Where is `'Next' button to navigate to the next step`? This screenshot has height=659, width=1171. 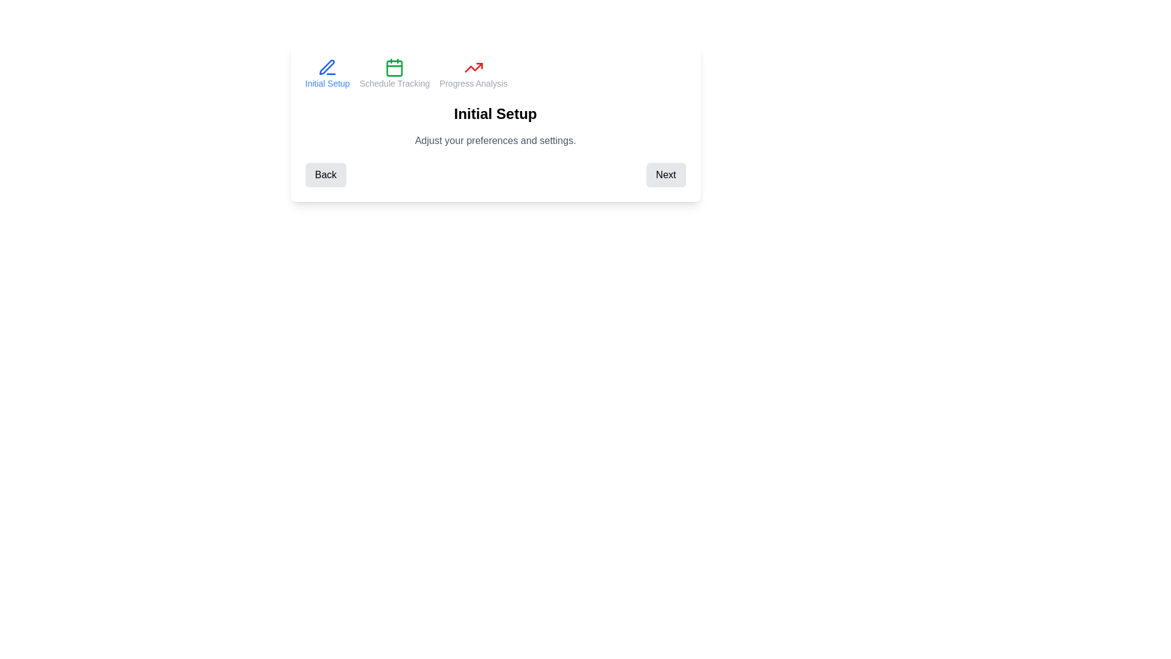 'Next' button to navigate to the next step is located at coordinates (665, 175).